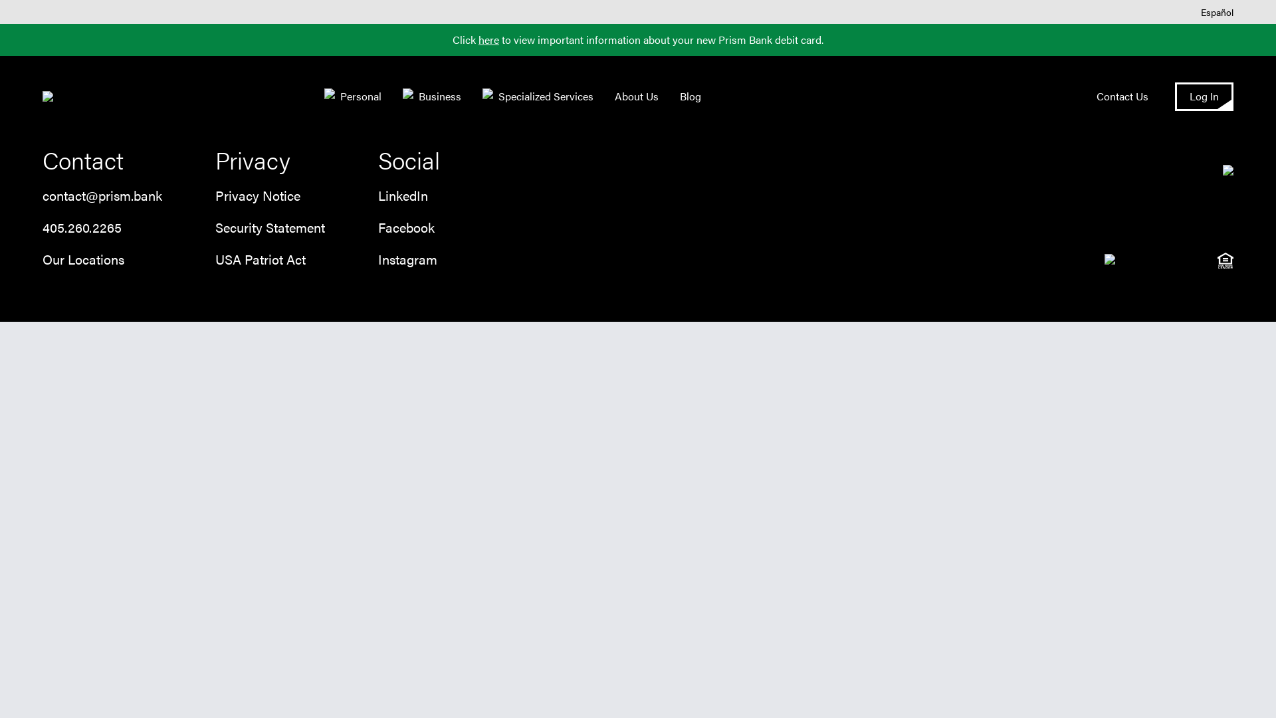 The image size is (1276, 718). I want to click on 'Instagram', so click(407, 259).